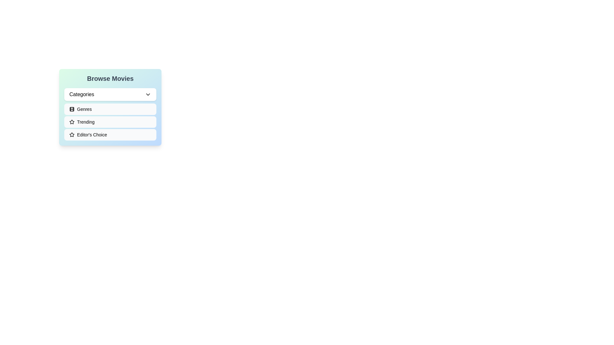  Describe the element at coordinates (72, 122) in the screenshot. I see `the star-shaped icon in the 'Editor's Choice' row of the 'Browse Movies' category list` at that location.